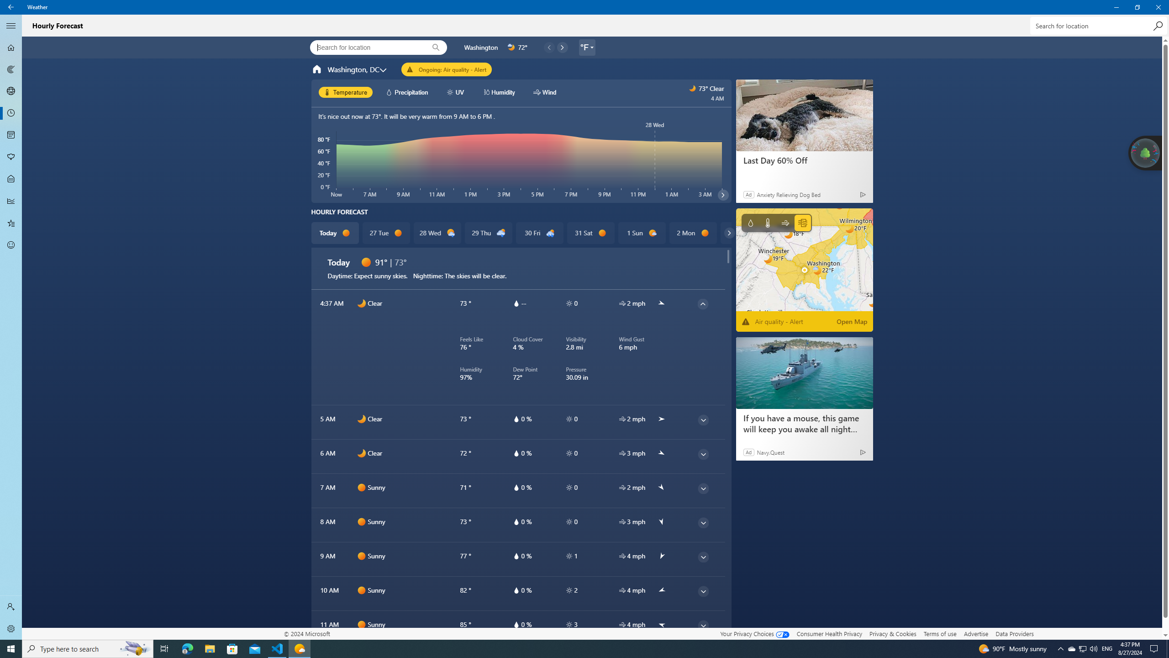 The image size is (1169, 658). Describe the element at coordinates (232, 648) in the screenshot. I see `'Microsoft Store'` at that location.